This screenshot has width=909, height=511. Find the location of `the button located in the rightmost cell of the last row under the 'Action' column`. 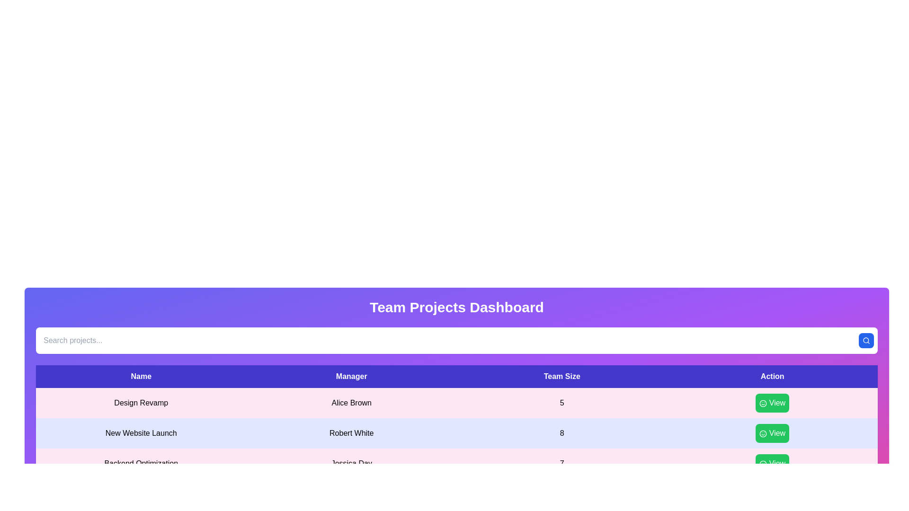

the button located in the rightmost cell of the last row under the 'Action' column is located at coordinates (772, 463).